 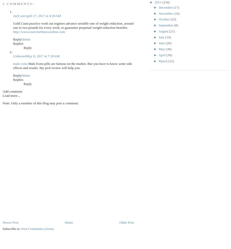 I want to click on 'Home', so click(x=69, y=222).